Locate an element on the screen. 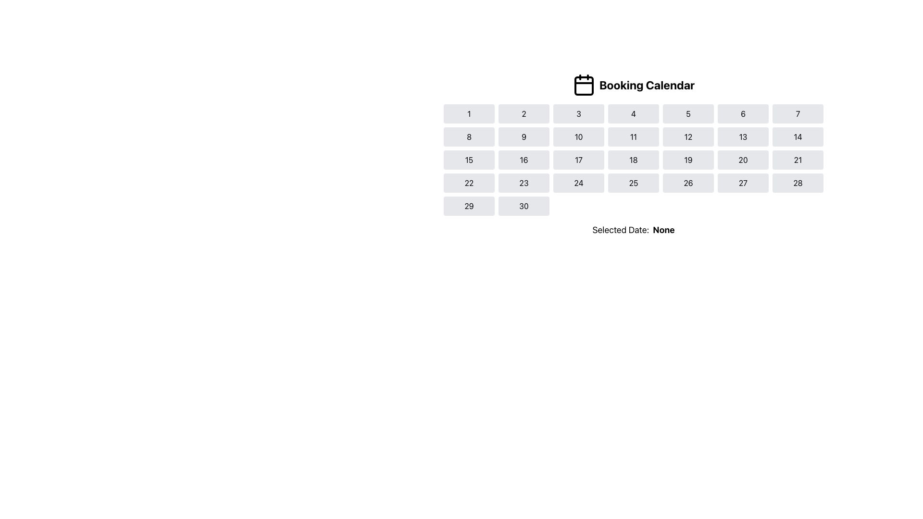 The width and height of the screenshot is (923, 519). the button labeled '6', which is a square button with rounded corners and a gray background is located at coordinates (742, 113).